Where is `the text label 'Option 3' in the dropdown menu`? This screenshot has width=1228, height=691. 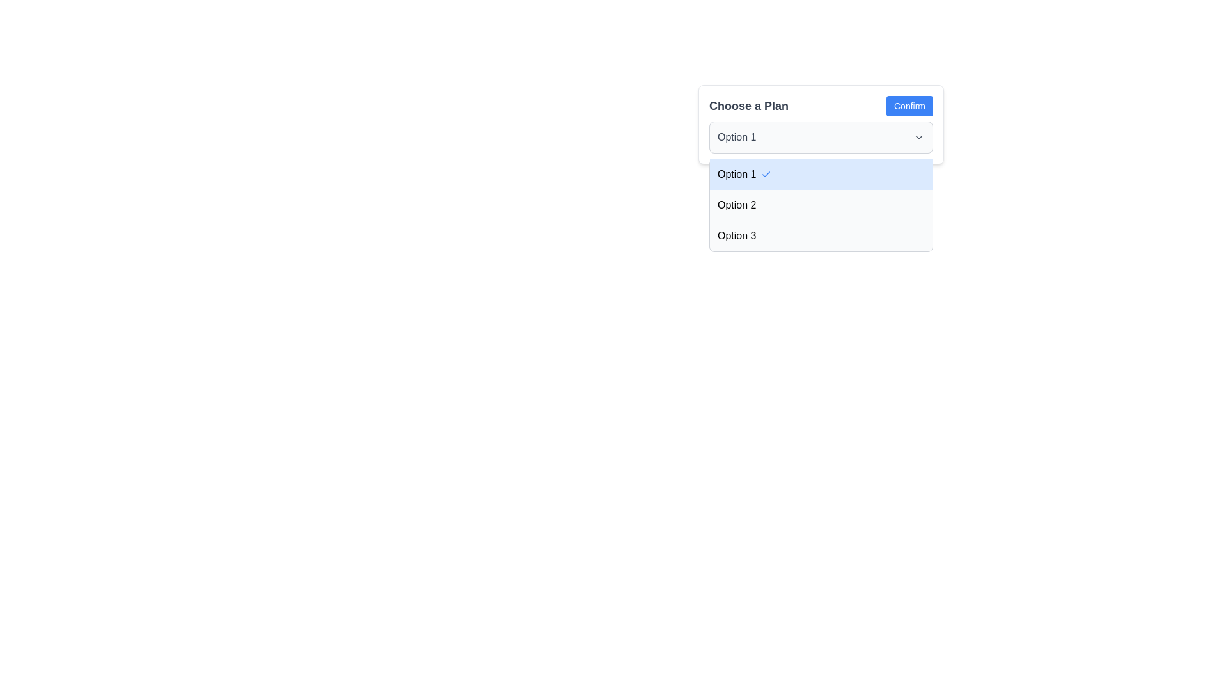
the text label 'Option 3' in the dropdown menu is located at coordinates (737, 236).